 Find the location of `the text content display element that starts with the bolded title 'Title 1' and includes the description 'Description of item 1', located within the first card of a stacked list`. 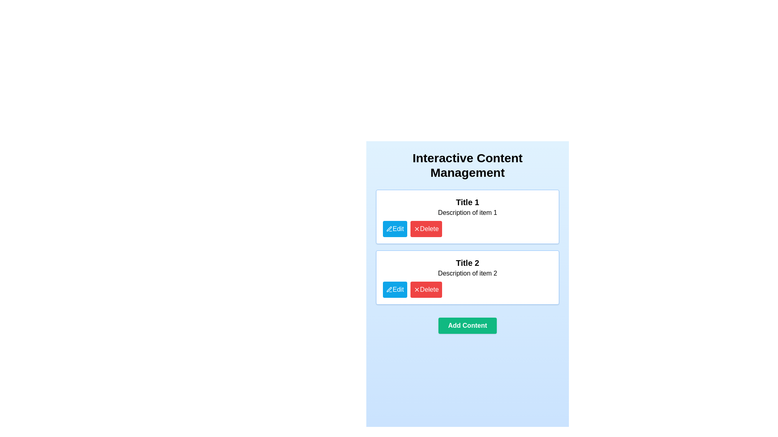

the text content display element that starts with the bolded title 'Title 1' and includes the description 'Description of item 1', located within the first card of a stacked list is located at coordinates (467, 207).